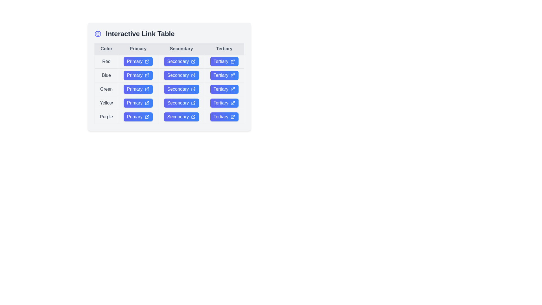  Describe the element at coordinates (224, 62) in the screenshot. I see `the third button in the last column under the 'Tertiary' column header of the 'Red' row` at that location.